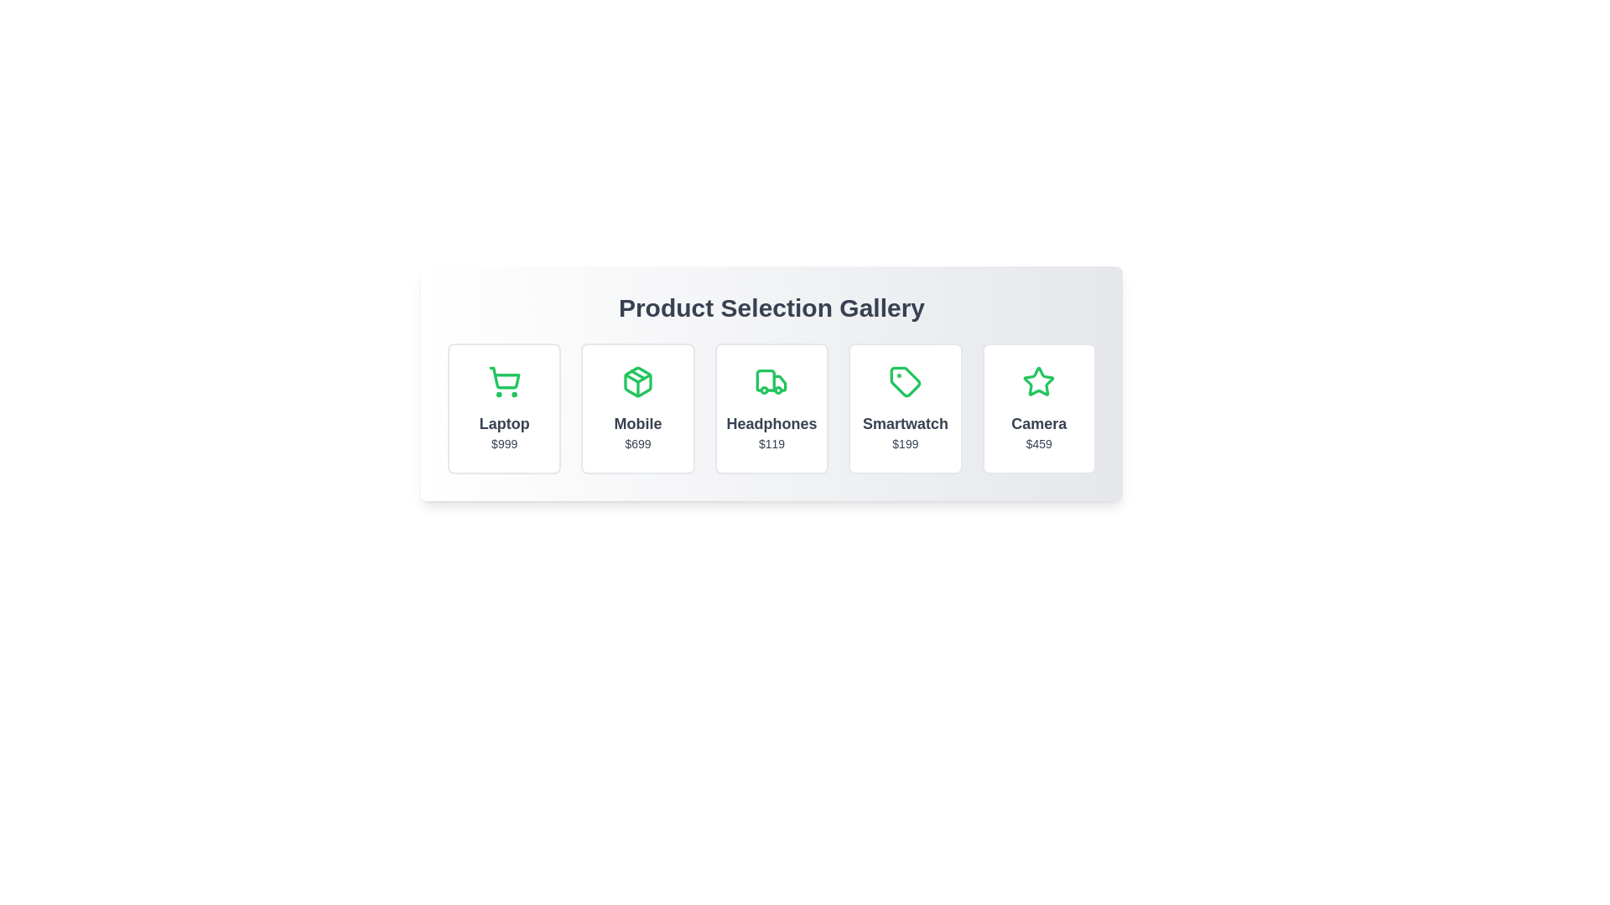 The height and width of the screenshot is (905, 1610). Describe the element at coordinates (771, 409) in the screenshot. I see `the 'Headphones' product card, which is the third item` at that location.